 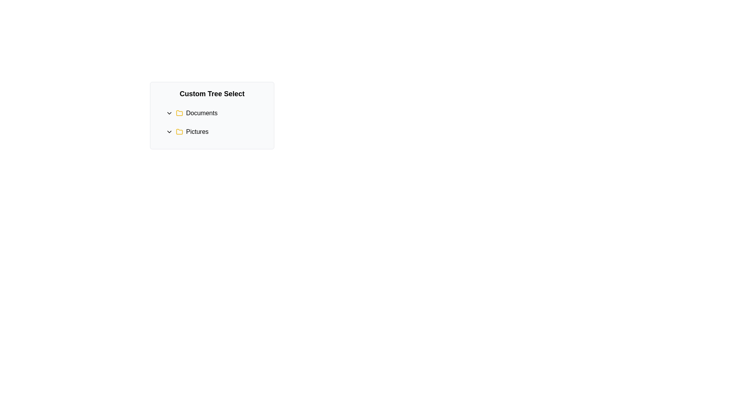 I want to click on the chevron-down icon located next to the 'Documents' folder label, so click(x=169, y=113).